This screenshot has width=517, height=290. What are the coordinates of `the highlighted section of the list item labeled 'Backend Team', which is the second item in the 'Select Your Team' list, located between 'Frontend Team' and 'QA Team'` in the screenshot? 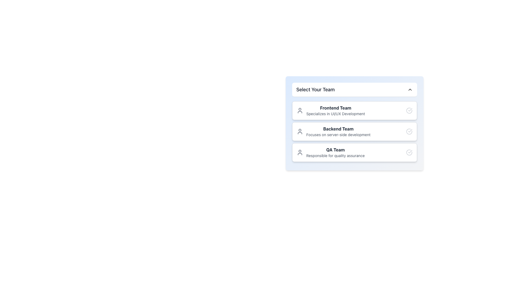 It's located at (354, 131).